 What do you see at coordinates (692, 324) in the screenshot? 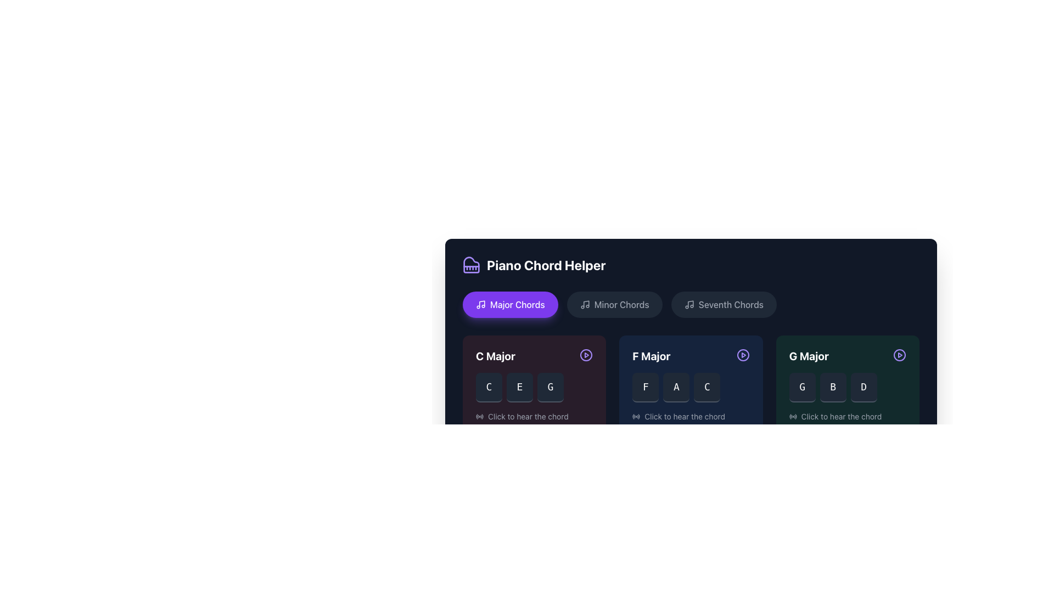
I see `the 'Seventh Chords' tab using keyboard navigation` at bounding box center [692, 324].